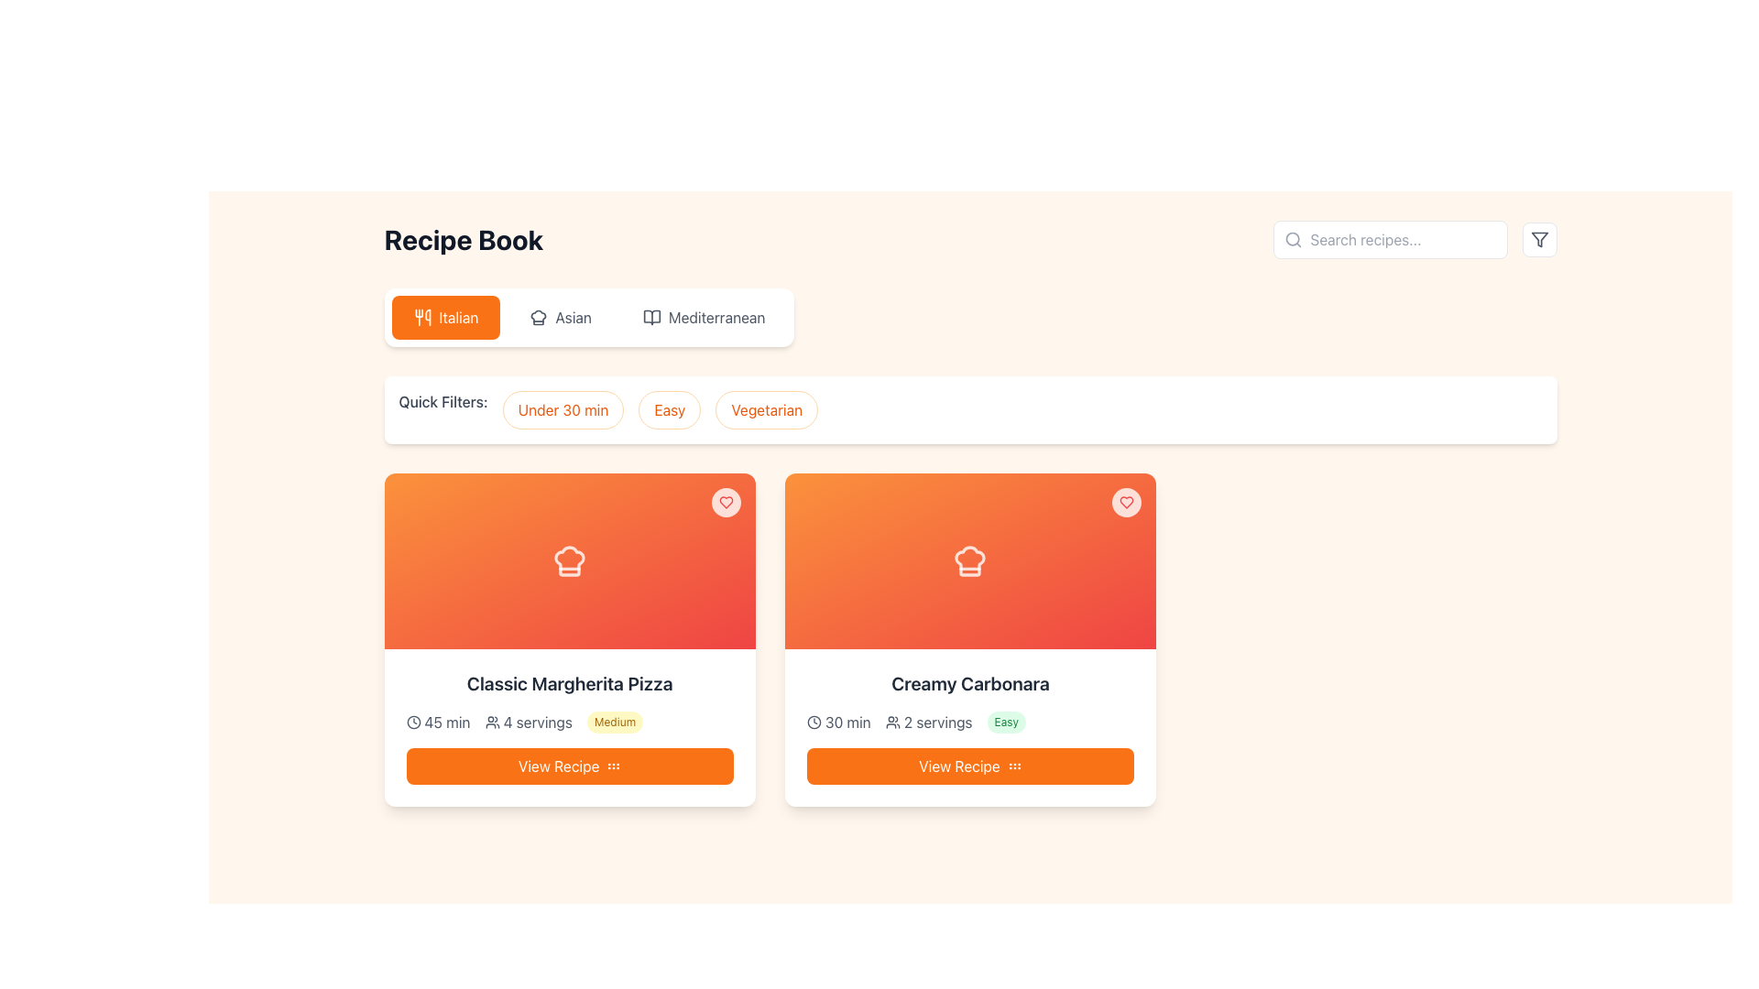 Image resolution: width=1759 pixels, height=989 pixels. What do you see at coordinates (1013, 766) in the screenshot?
I see `the decorative icon consisting of six small circles arranged in two horizontal rows, located on the right side of the 'View Recipe' button in the second card (Creamy Carbonara)` at bounding box center [1013, 766].